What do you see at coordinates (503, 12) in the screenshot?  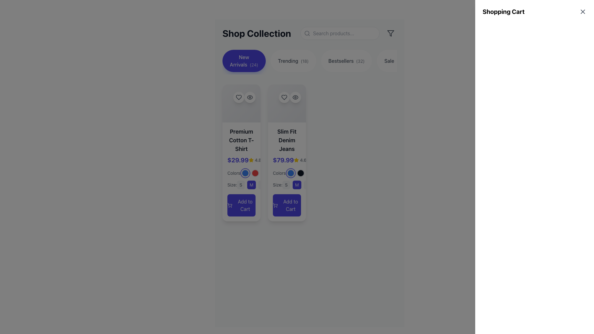 I see `the 'Shopping Cart' text label, which is a bold and oversized heading located in the top right corner of the interface` at bounding box center [503, 12].